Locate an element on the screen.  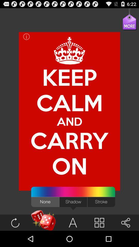
keep item is located at coordinates (69, 77).